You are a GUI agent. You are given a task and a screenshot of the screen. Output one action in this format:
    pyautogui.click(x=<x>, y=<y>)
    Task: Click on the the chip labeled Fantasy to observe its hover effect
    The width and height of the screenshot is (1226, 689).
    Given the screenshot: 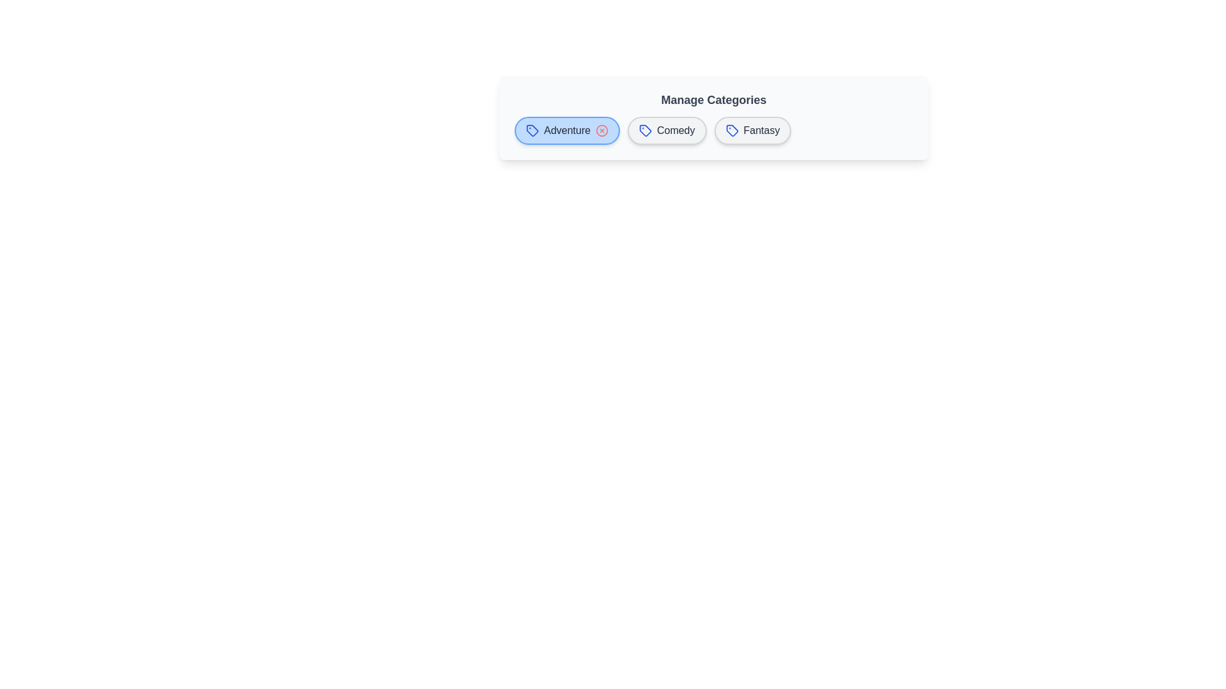 What is the action you would take?
    pyautogui.click(x=753, y=130)
    